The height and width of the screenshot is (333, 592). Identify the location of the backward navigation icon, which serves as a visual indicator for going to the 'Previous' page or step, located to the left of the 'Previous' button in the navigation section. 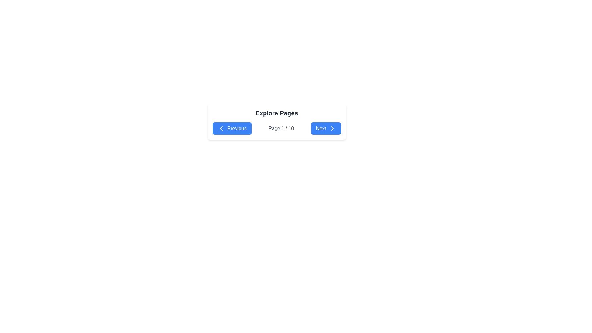
(221, 128).